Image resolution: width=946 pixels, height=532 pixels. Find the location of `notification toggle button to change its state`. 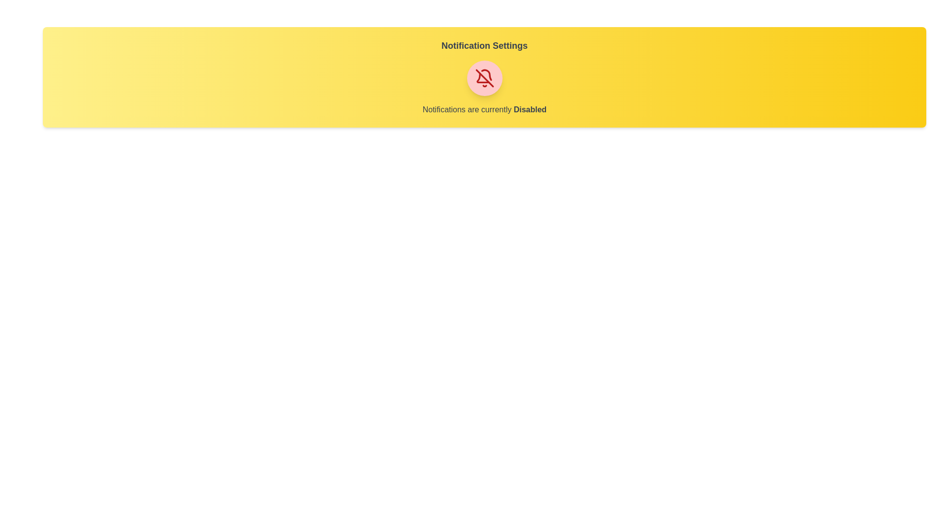

notification toggle button to change its state is located at coordinates (484, 77).